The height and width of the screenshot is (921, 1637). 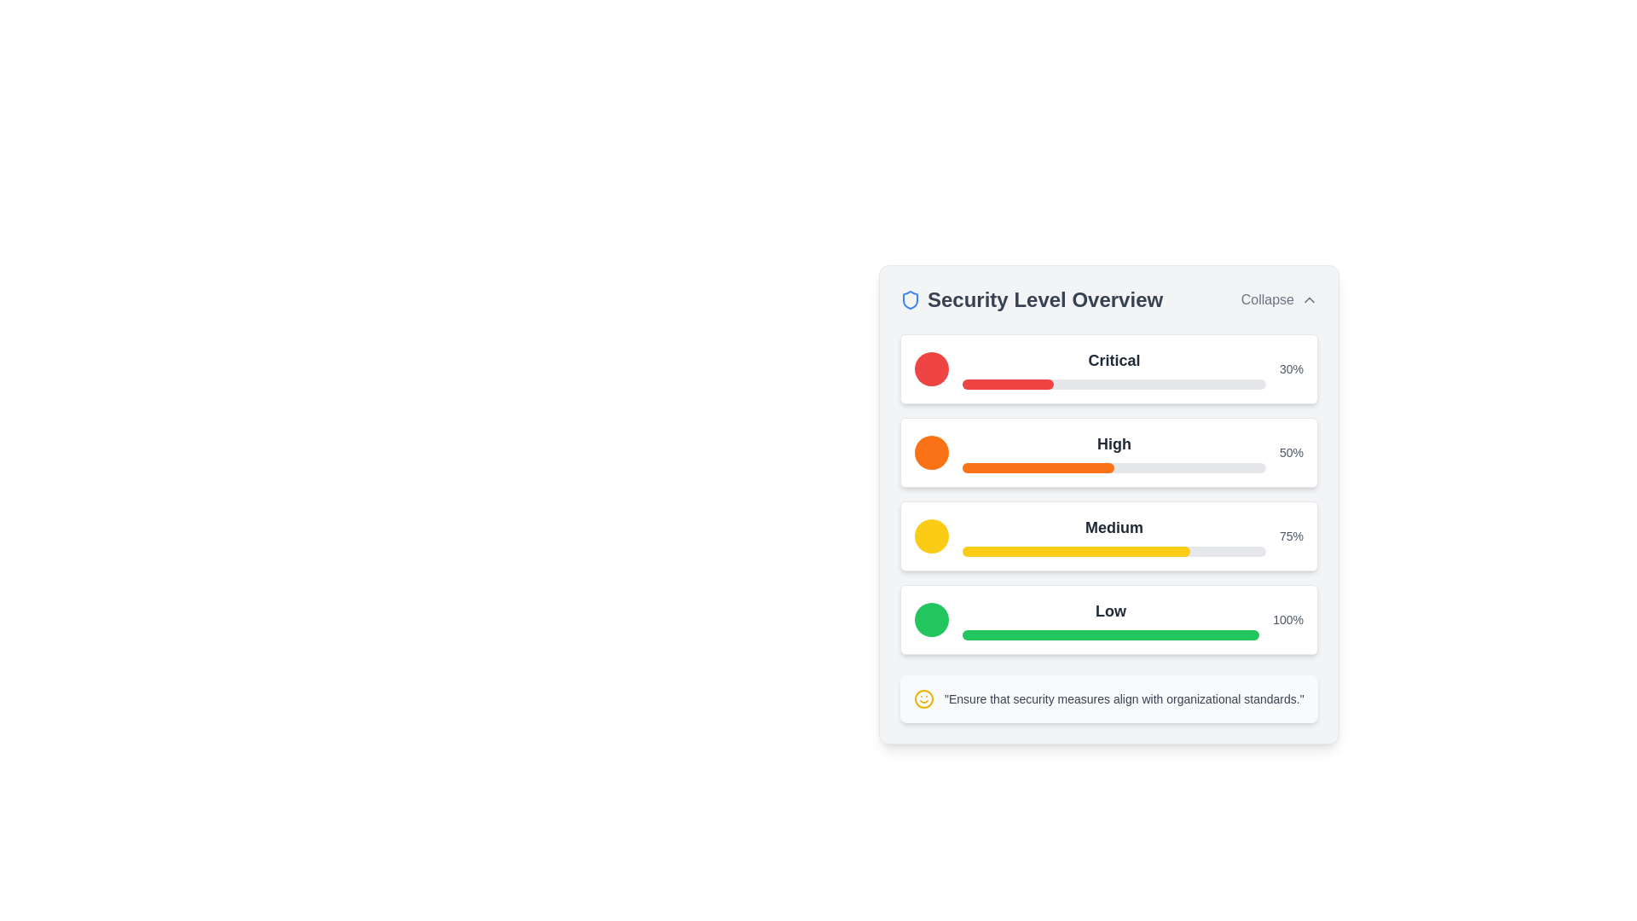 What do you see at coordinates (1108, 452) in the screenshot?
I see `the visual data of the Progress bar indicating 'High 50%', which is the second in a vertical stack of status indicators` at bounding box center [1108, 452].